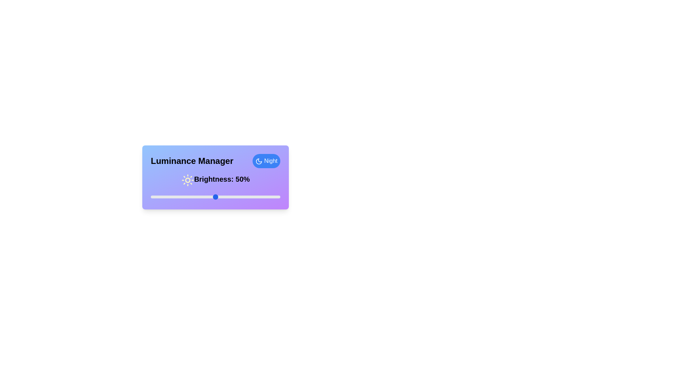 The image size is (683, 384). What do you see at coordinates (269, 197) in the screenshot?
I see `the luminance slider to 92%` at bounding box center [269, 197].